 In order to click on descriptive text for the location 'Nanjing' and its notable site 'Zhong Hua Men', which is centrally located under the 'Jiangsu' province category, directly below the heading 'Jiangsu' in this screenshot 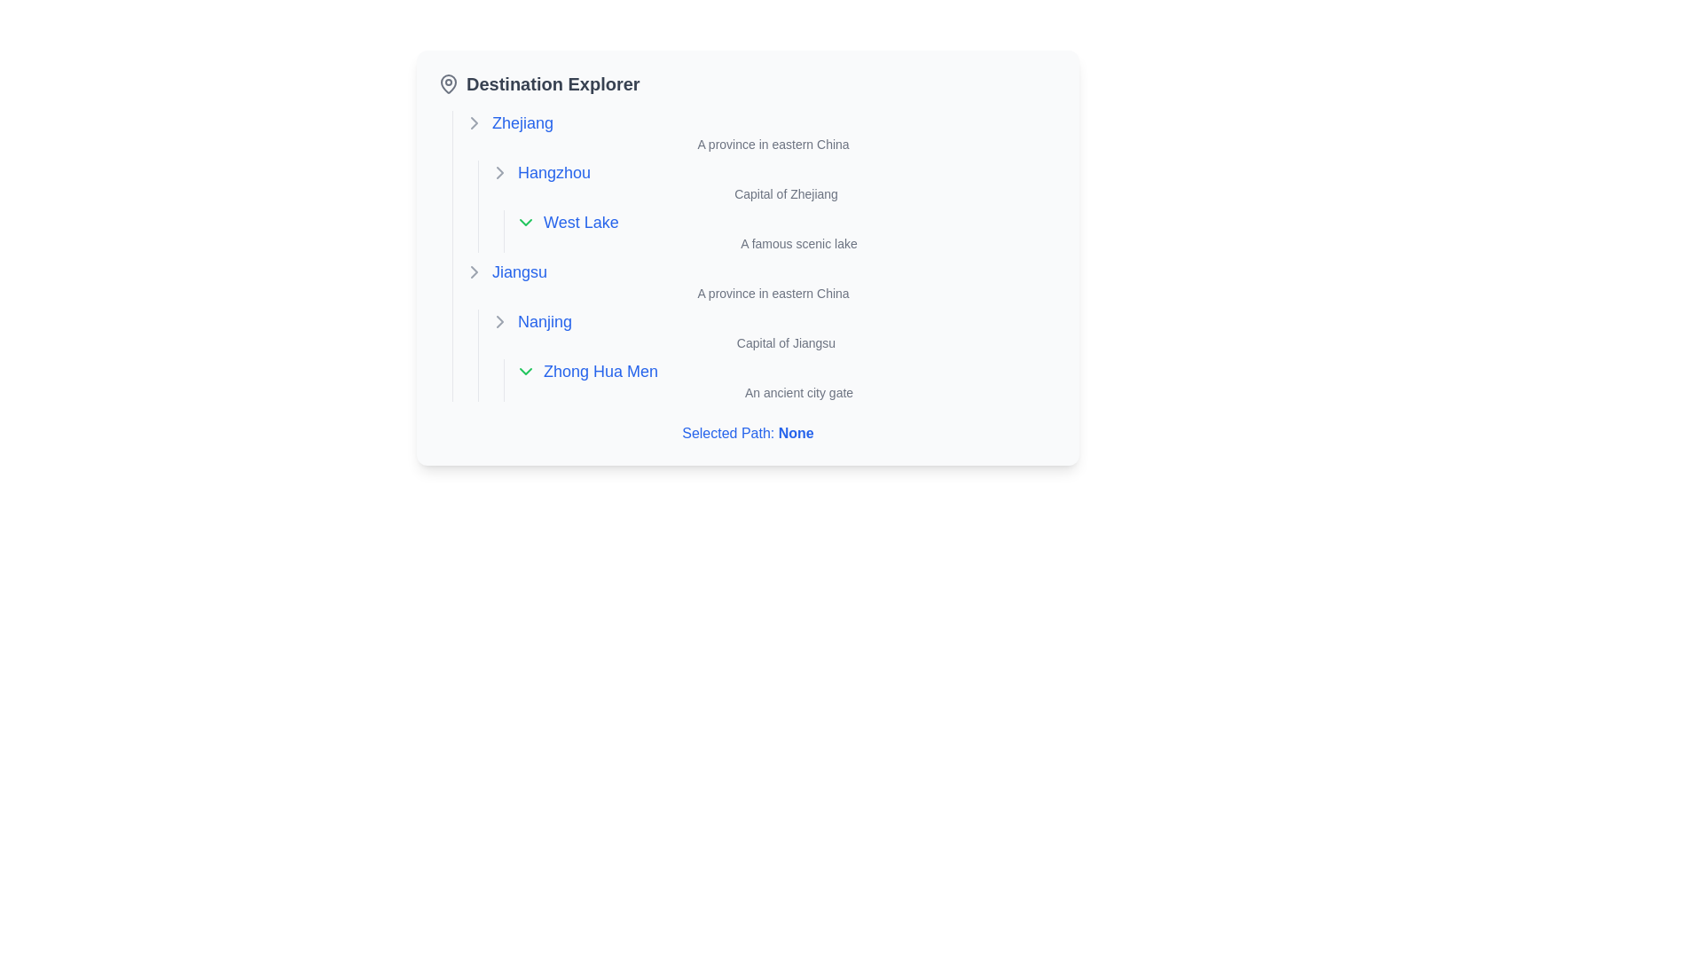, I will do `click(773, 356)`.